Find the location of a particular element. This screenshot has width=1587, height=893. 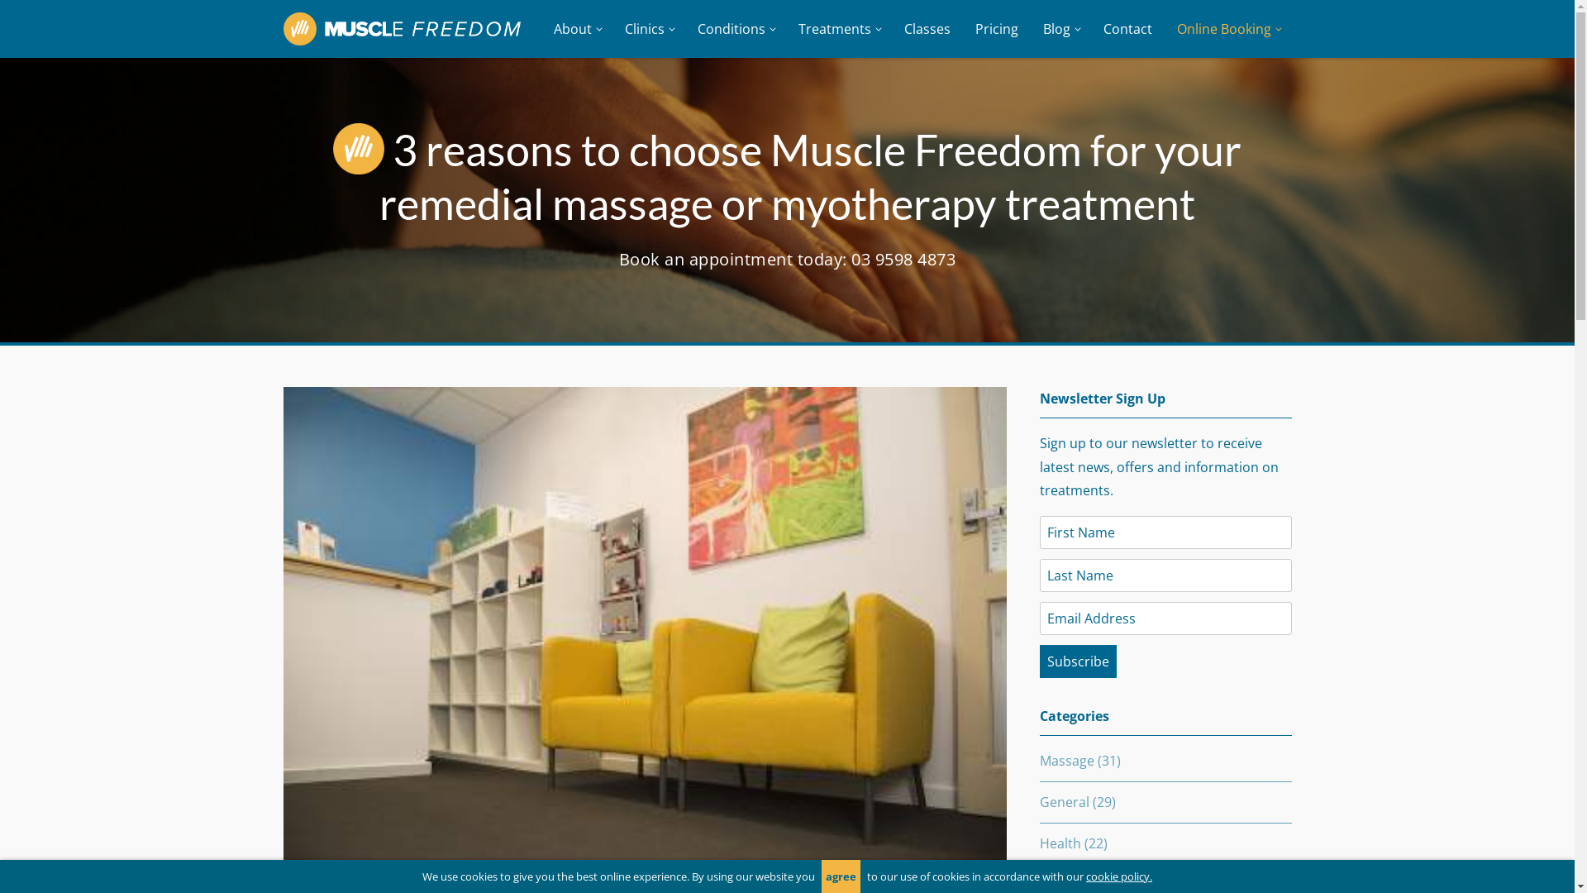

'Online Booking' is located at coordinates (1227, 28).